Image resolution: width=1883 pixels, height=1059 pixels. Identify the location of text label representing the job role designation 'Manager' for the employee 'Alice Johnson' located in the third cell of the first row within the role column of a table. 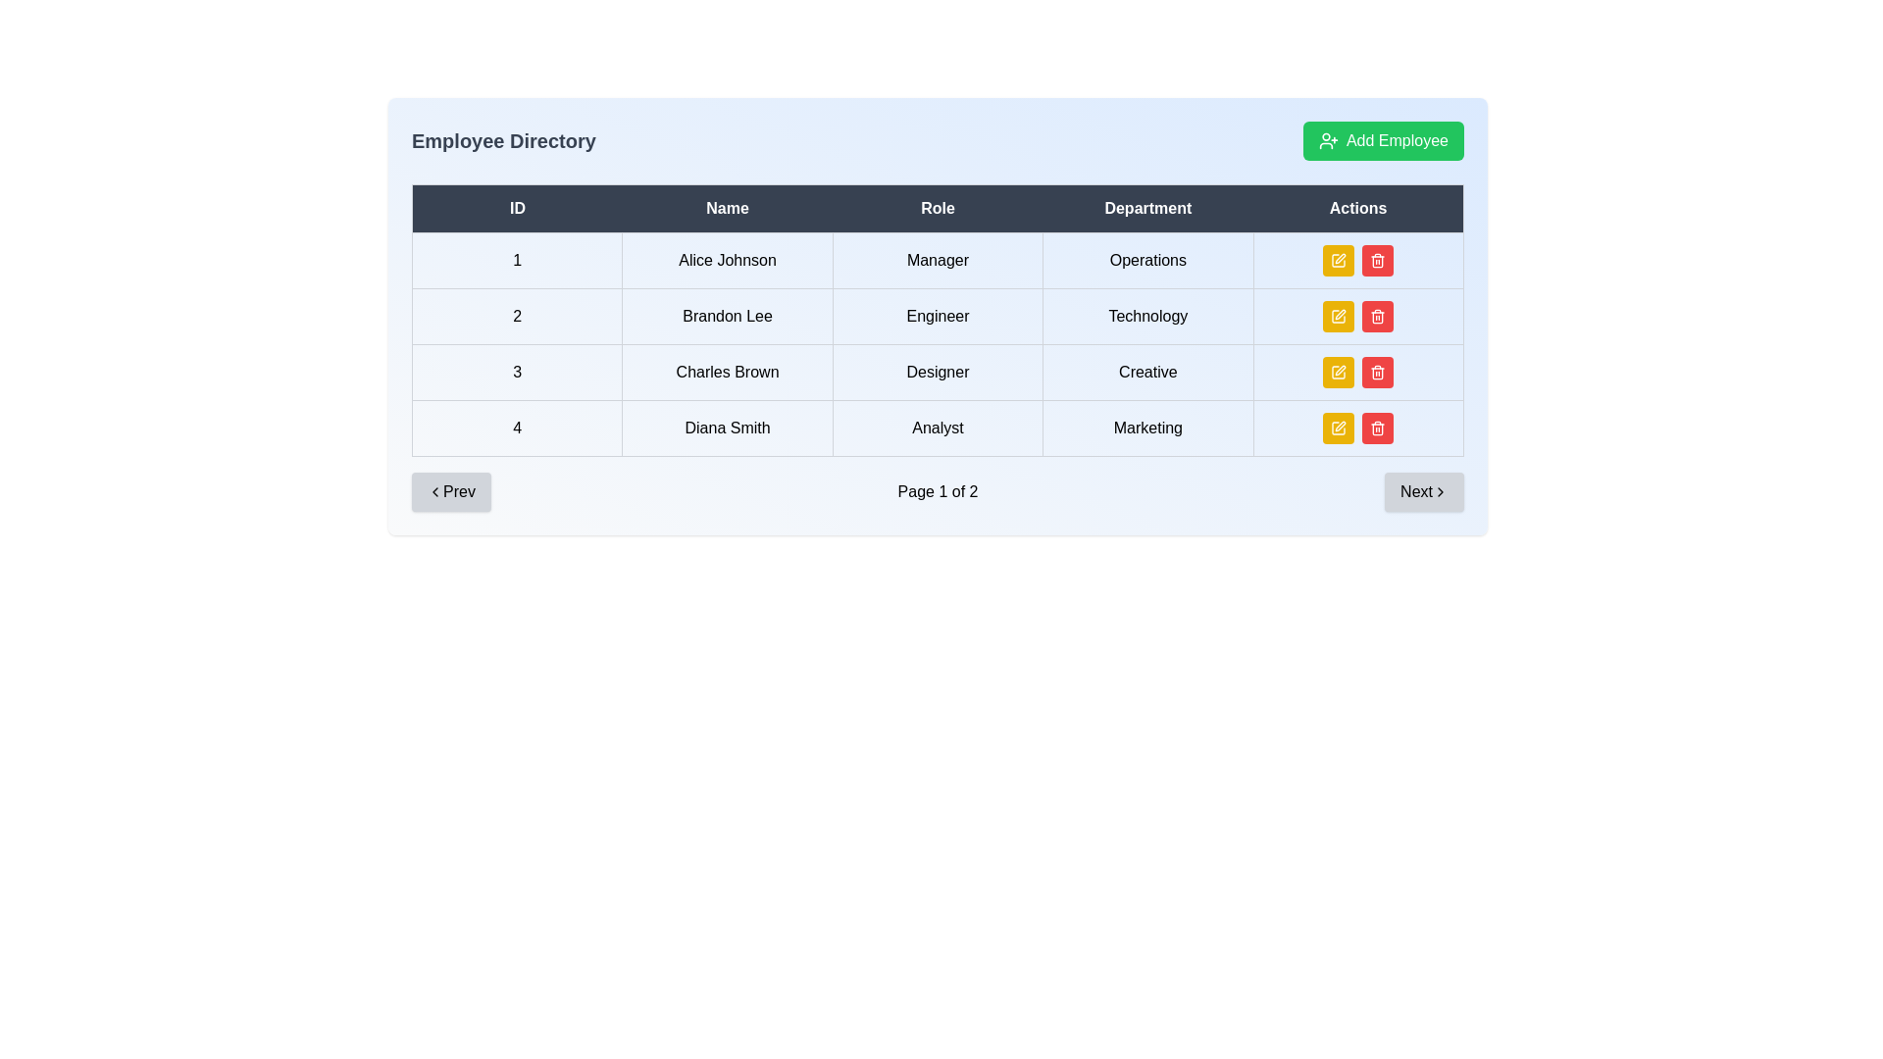
(937, 260).